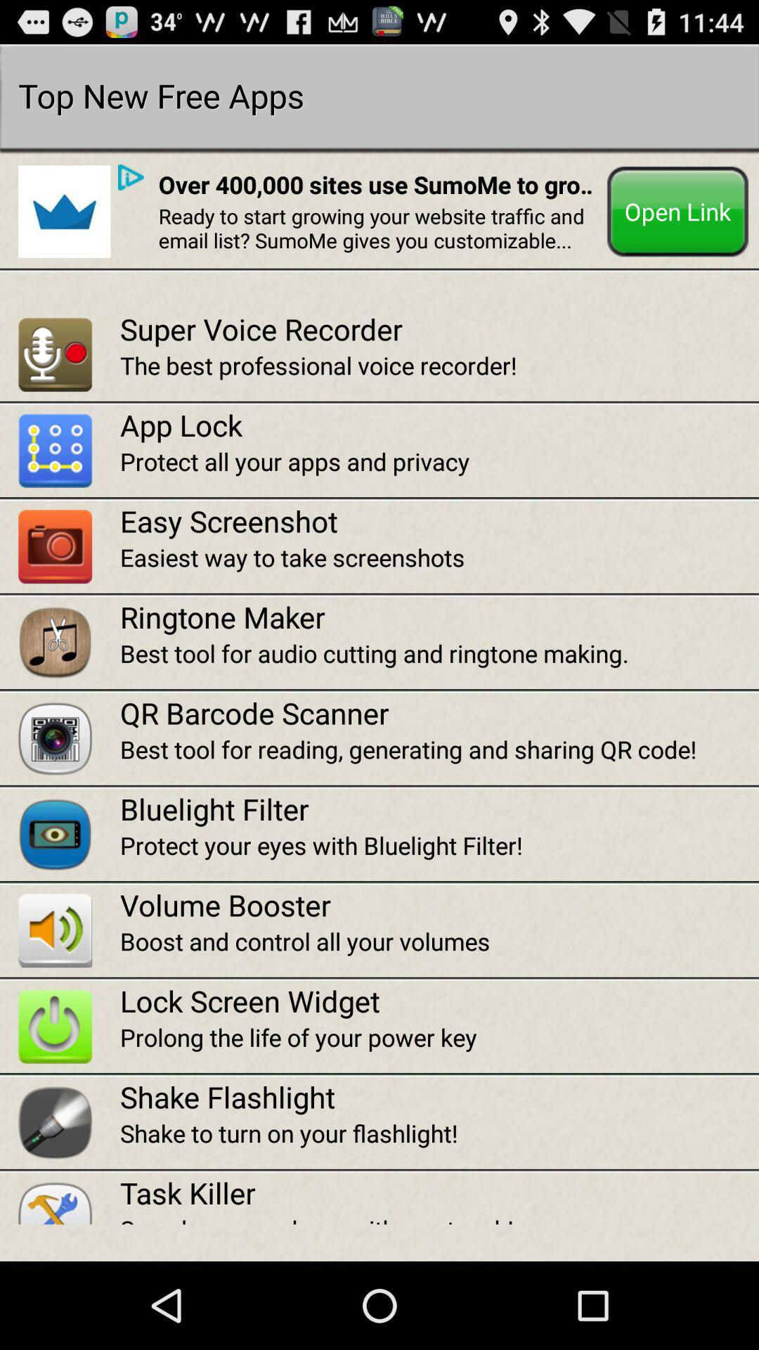 The image size is (759, 1350). I want to click on the task killer item, so click(439, 1192).